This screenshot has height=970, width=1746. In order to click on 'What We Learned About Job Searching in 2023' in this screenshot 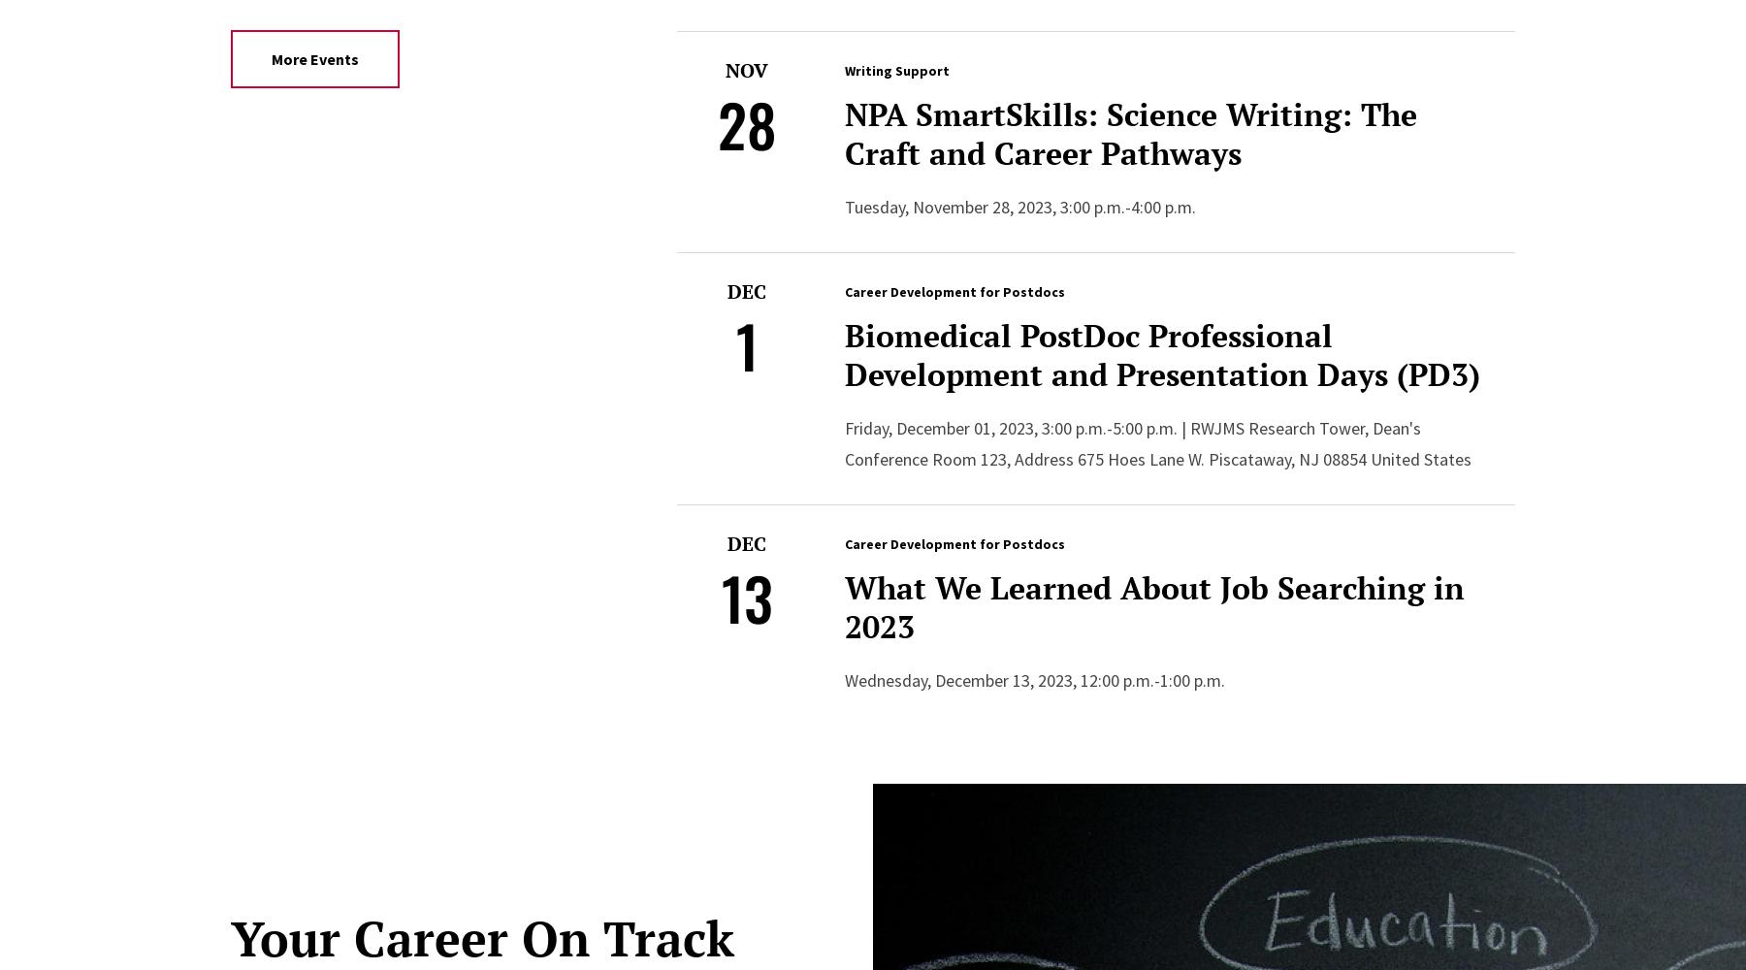, I will do `click(1153, 607)`.